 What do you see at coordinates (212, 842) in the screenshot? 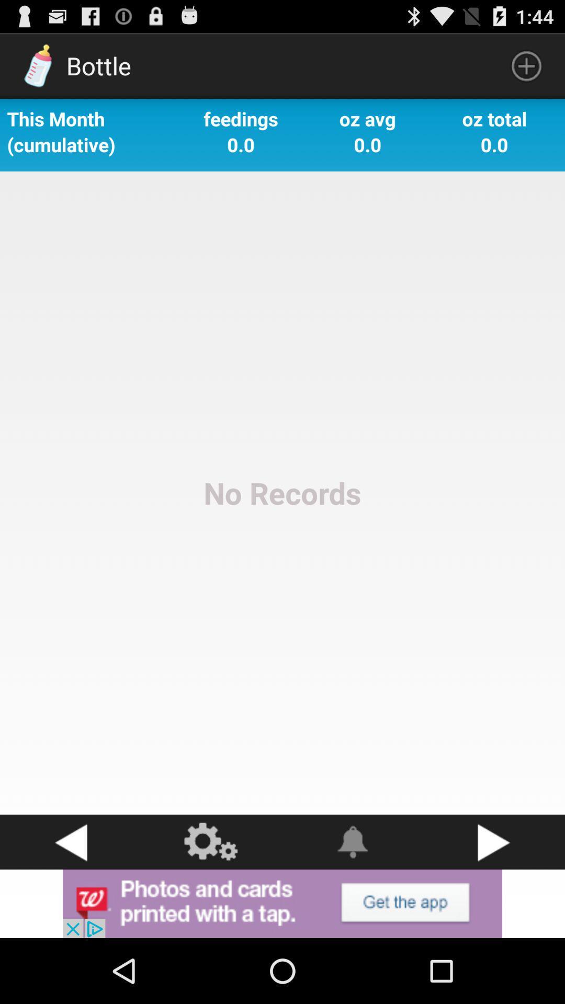
I see `setting button` at bounding box center [212, 842].